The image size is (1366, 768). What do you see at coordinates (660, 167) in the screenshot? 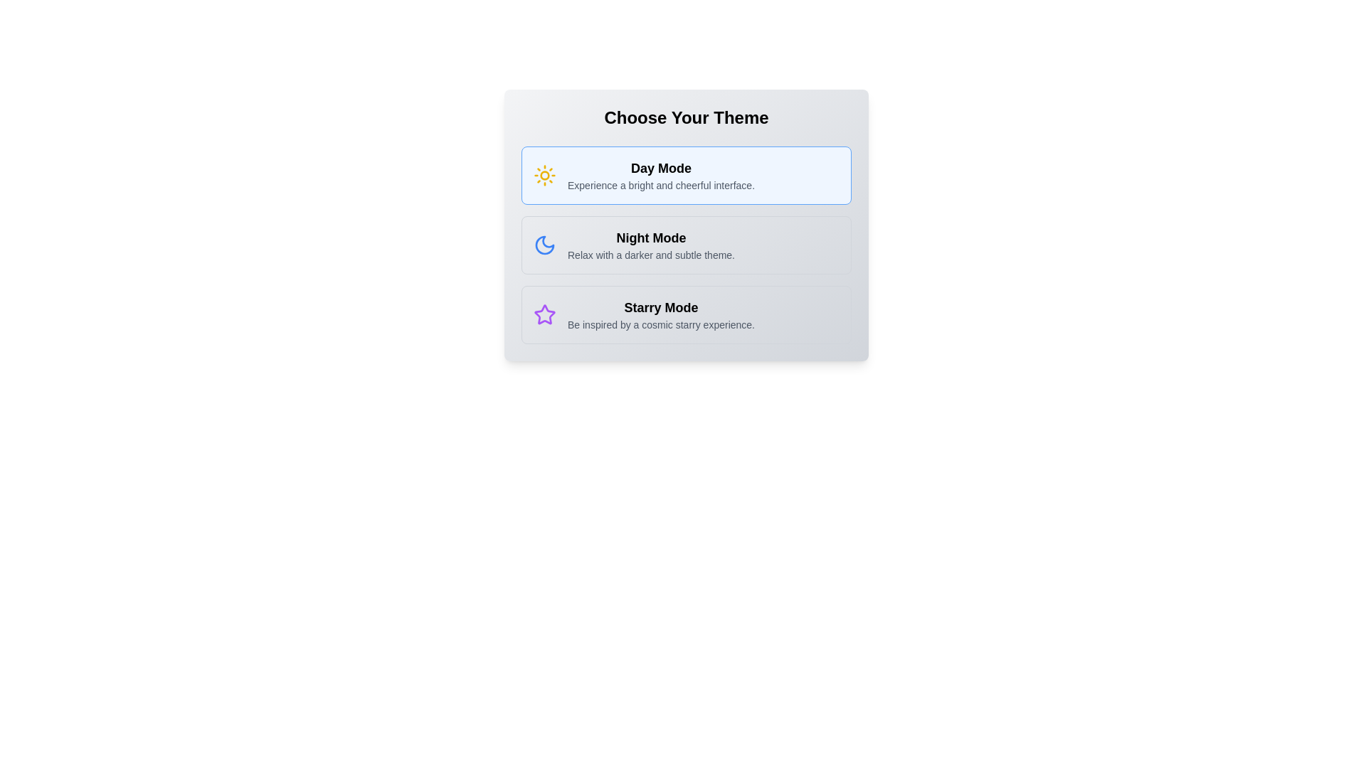
I see `the 'Day Mode' text label, which is styled with a bold and larger font size, located in the theme selection menu under the 'Choose Your Theme' section` at bounding box center [660, 167].